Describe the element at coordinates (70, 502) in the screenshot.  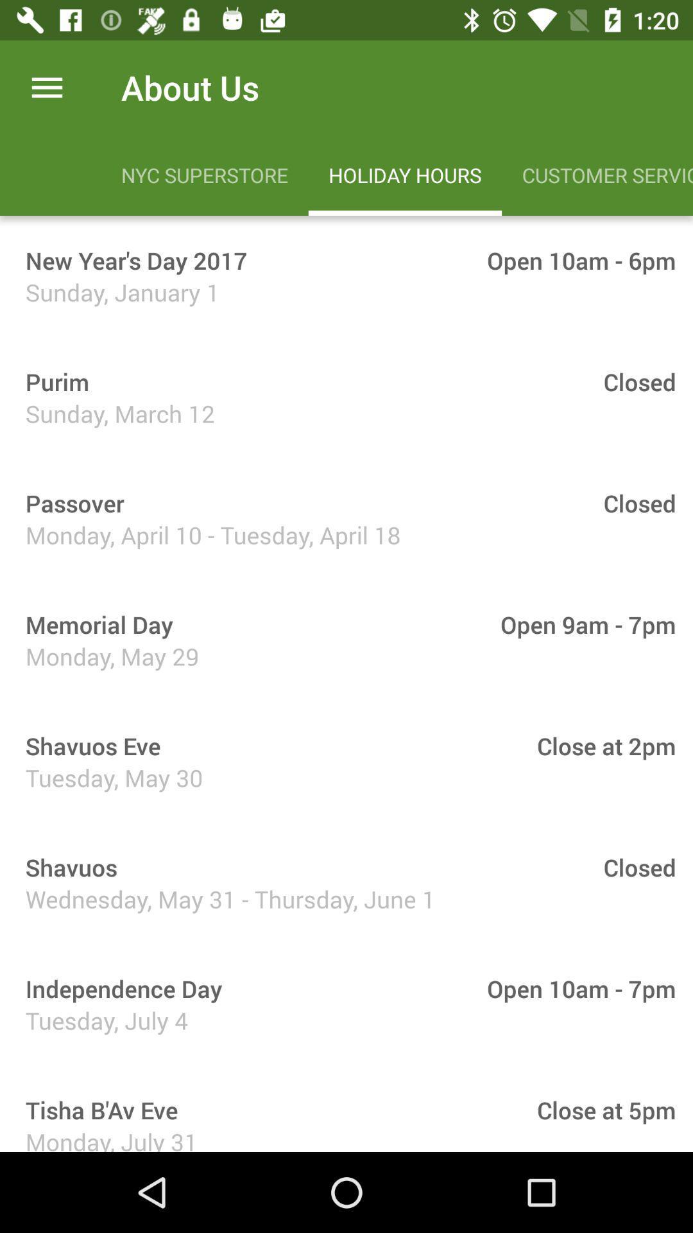
I see `passover icon` at that location.